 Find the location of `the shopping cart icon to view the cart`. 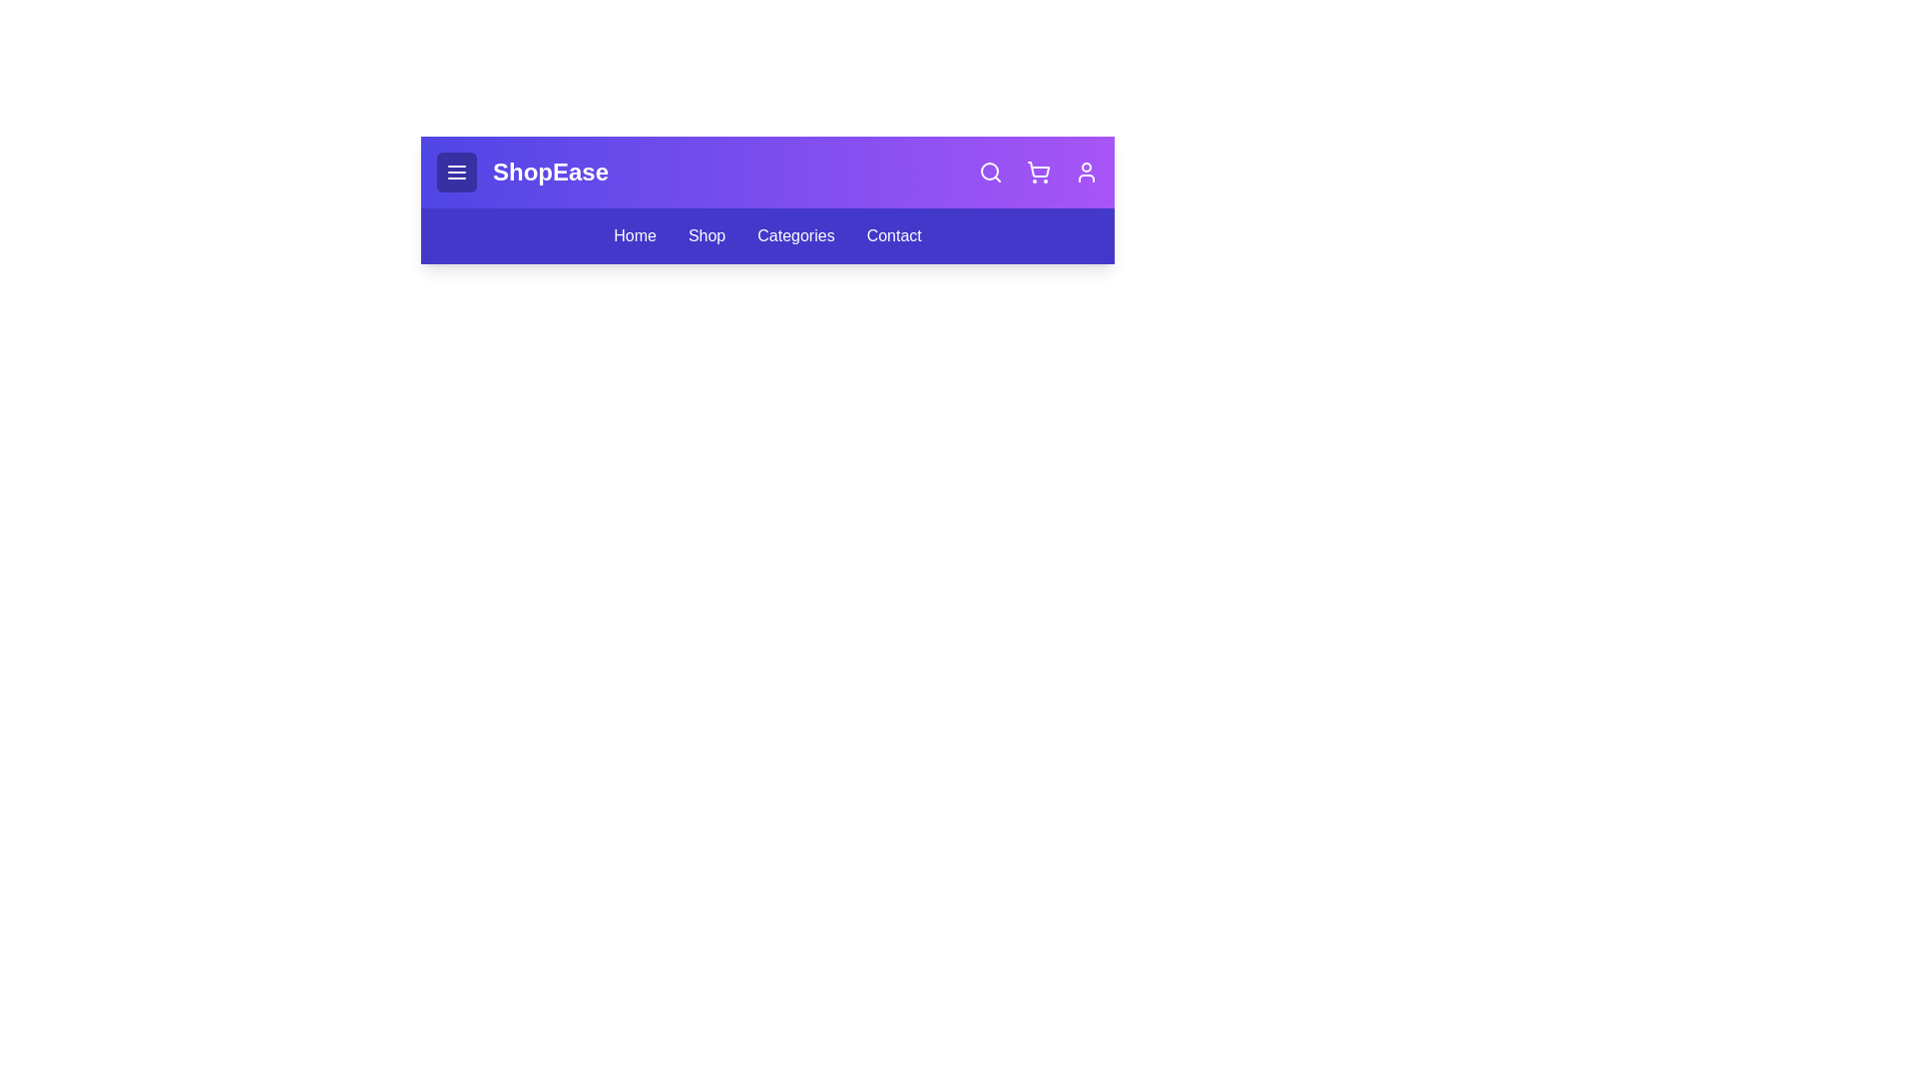

the shopping cart icon to view the cart is located at coordinates (1038, 172).